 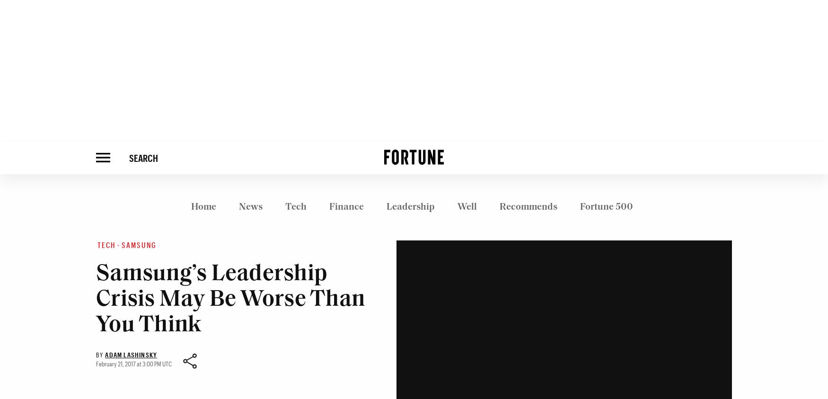 What do you see at coordinates (203, 207) in the screenshot?
I see `'Home'` at bounding box center [203, 207].